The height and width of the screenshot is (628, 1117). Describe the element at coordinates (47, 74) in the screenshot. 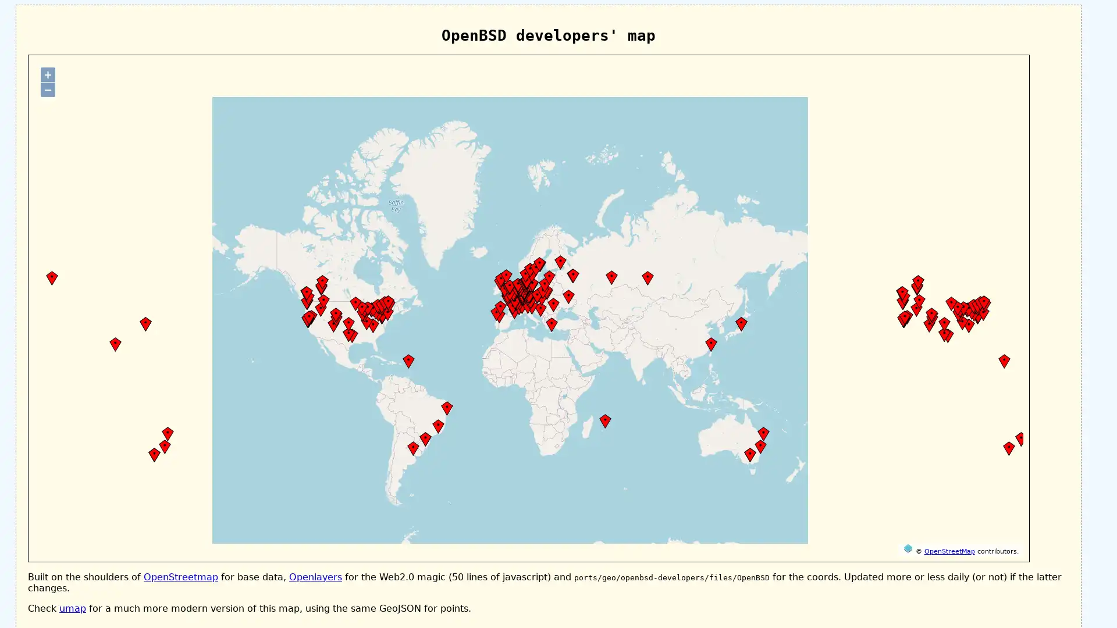

I see `+` at that location.